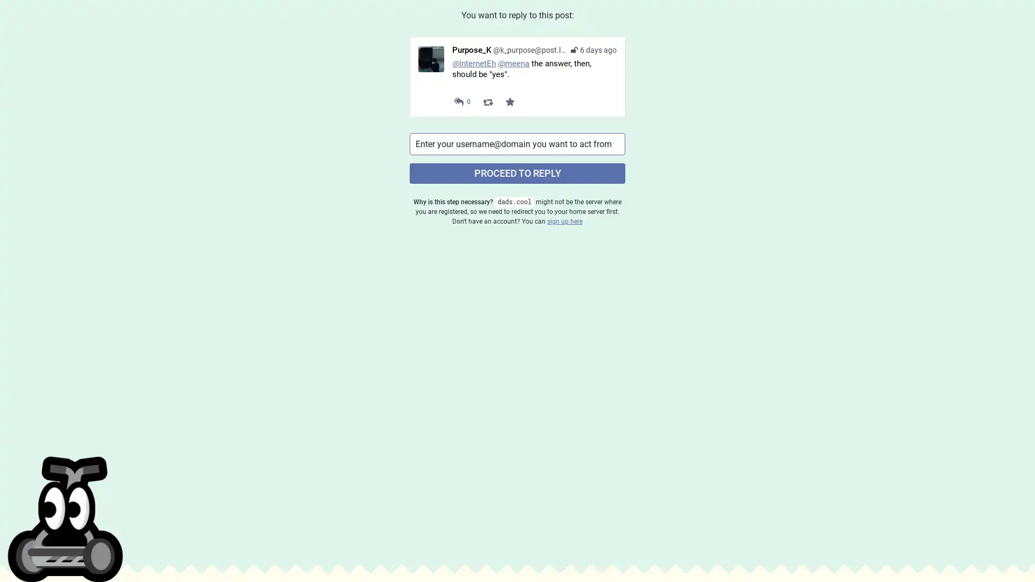 The height and width of the screenshot is (582, 1035). I want to click on PROCEED TO REPLY, so click(517, 172).